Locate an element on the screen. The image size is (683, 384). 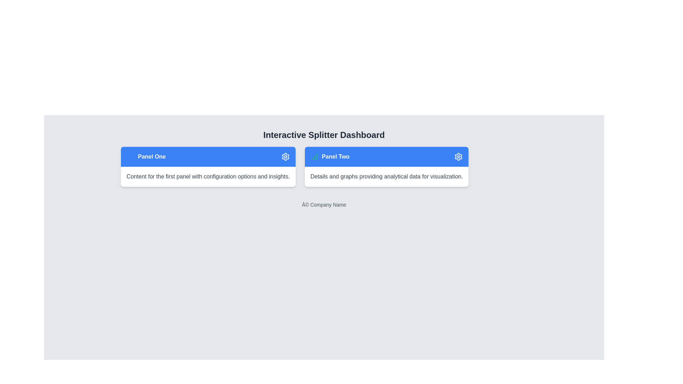
text label that serves as a title for the panel, located in the upper part of the card-like component, to the right of 'Panel One' and centrally aligned in the blue header region is located at coordinates (335, 156).